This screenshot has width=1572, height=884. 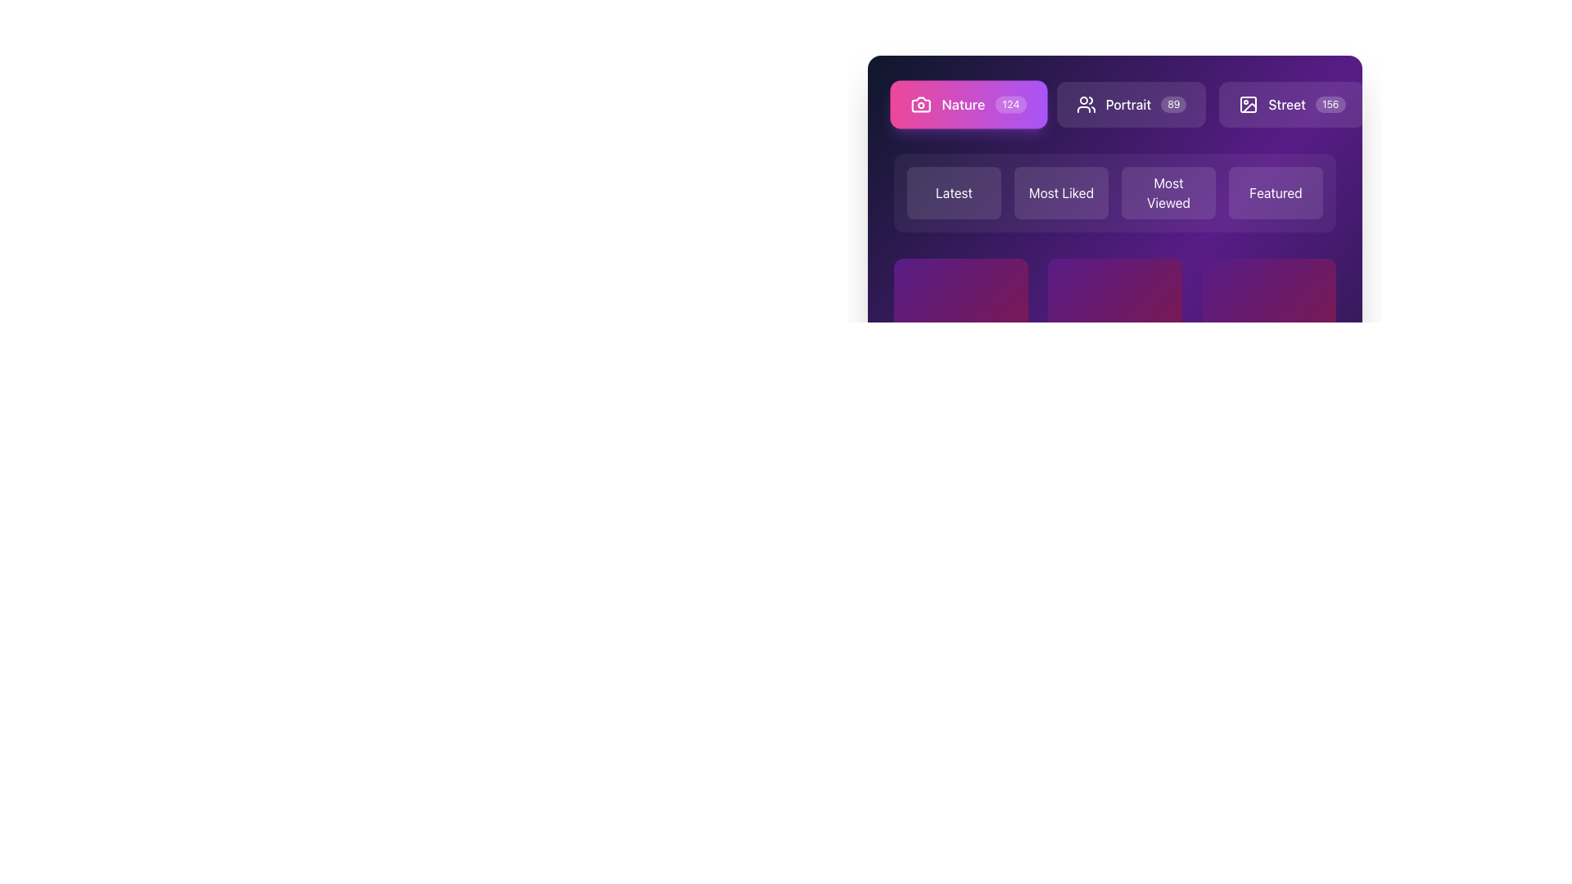 I want to click on the photograph icon on the left side of the 'Street' button, which has a circle on the top right and is styled in white on a purple background, so click(x=1248, y=104).